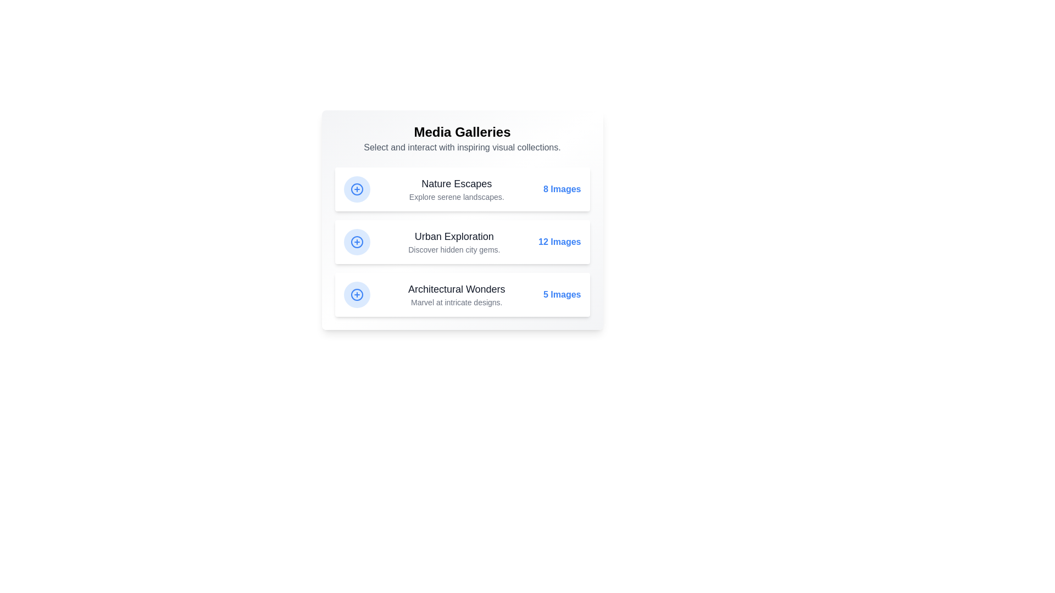  I want to click on plus icon for Urban Exploration gallery details, so click(357, 241).